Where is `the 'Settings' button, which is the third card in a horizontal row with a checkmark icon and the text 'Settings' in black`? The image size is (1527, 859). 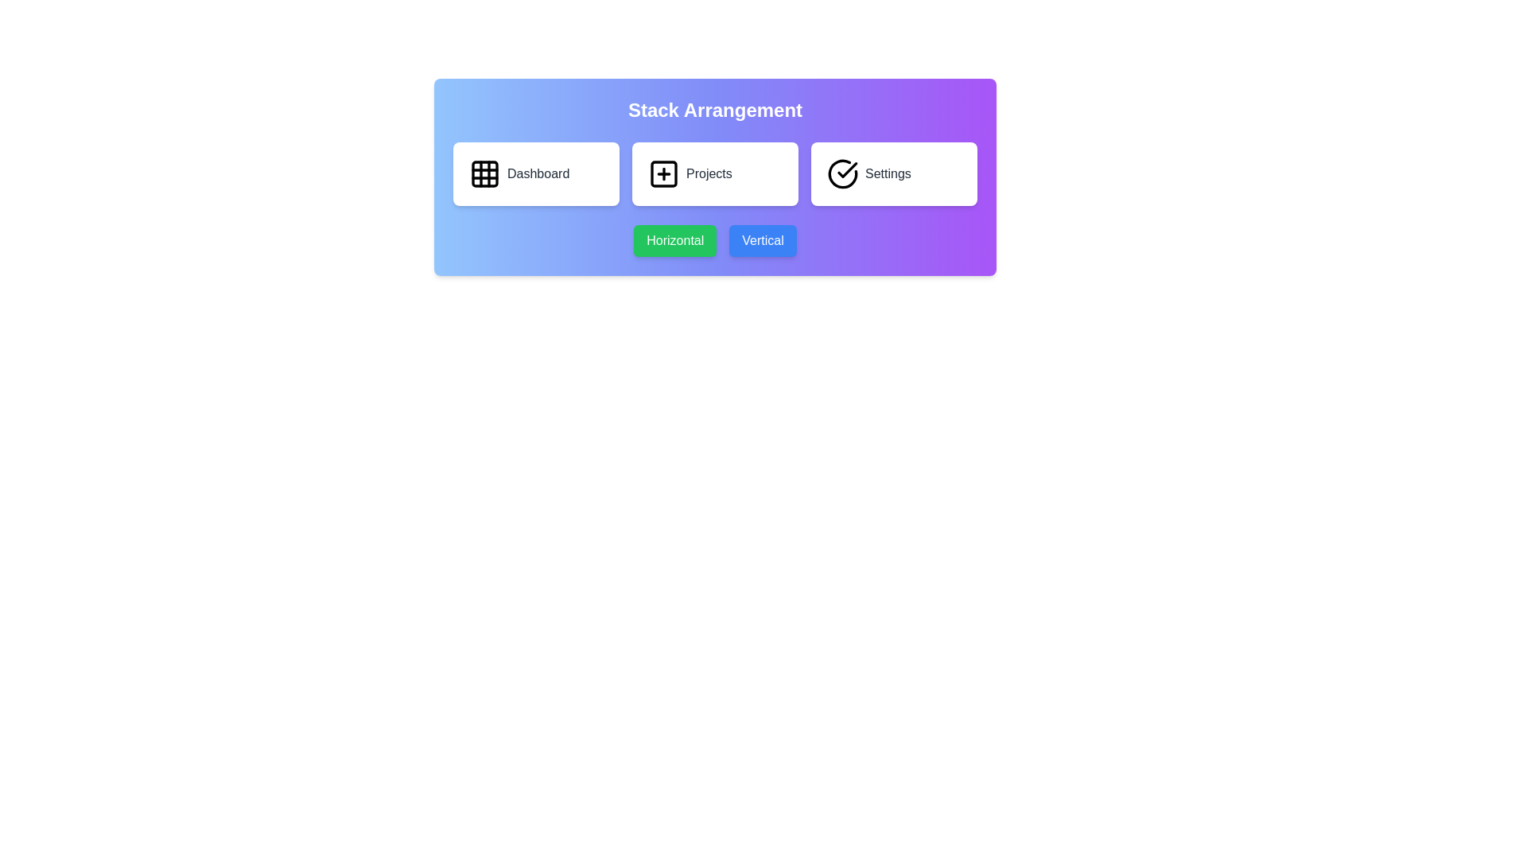
the 'Settings' button, which is the third card in a horizontal row with a checkmark icon and the text 'Settings' in black is located at coordinates (894, 174).